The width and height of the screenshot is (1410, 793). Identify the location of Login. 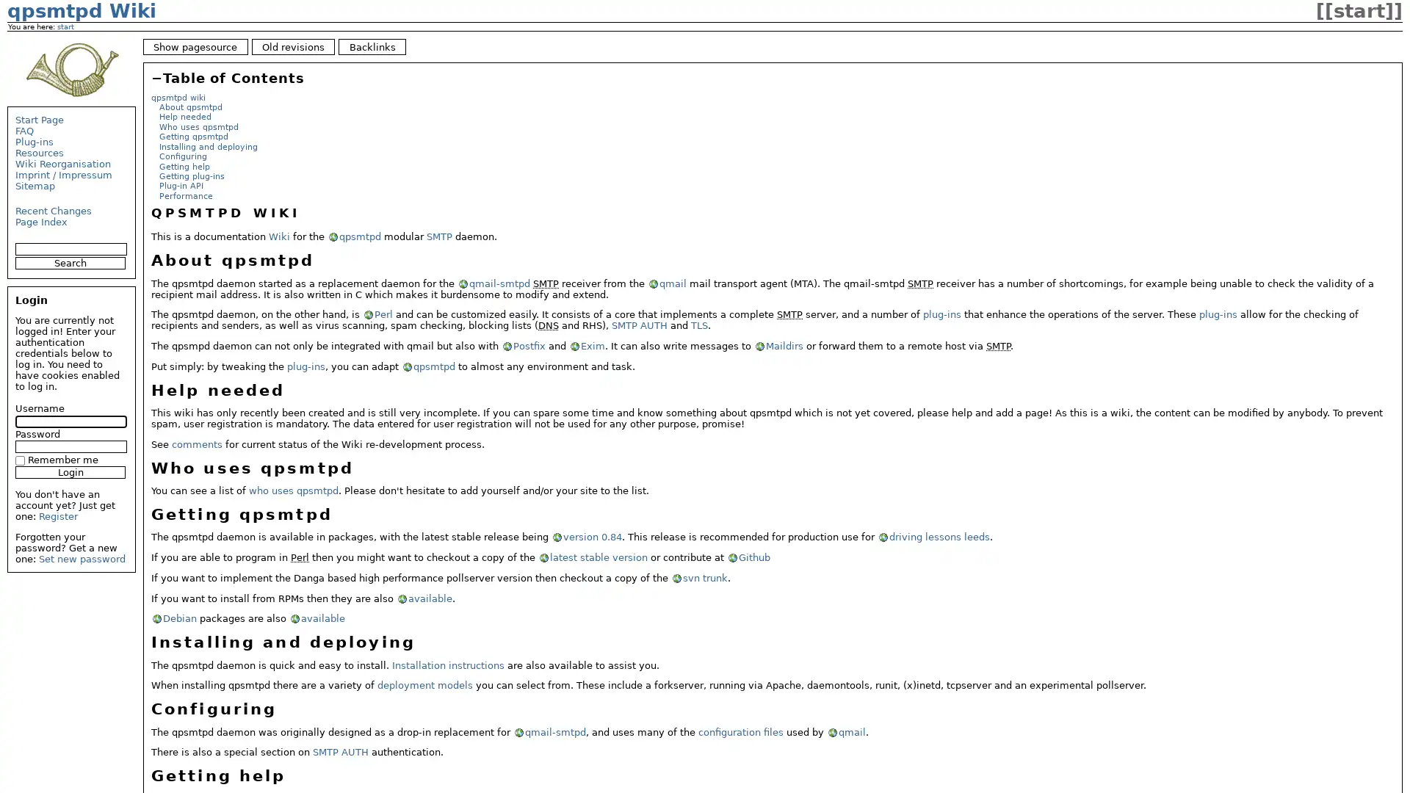
(70, 472).